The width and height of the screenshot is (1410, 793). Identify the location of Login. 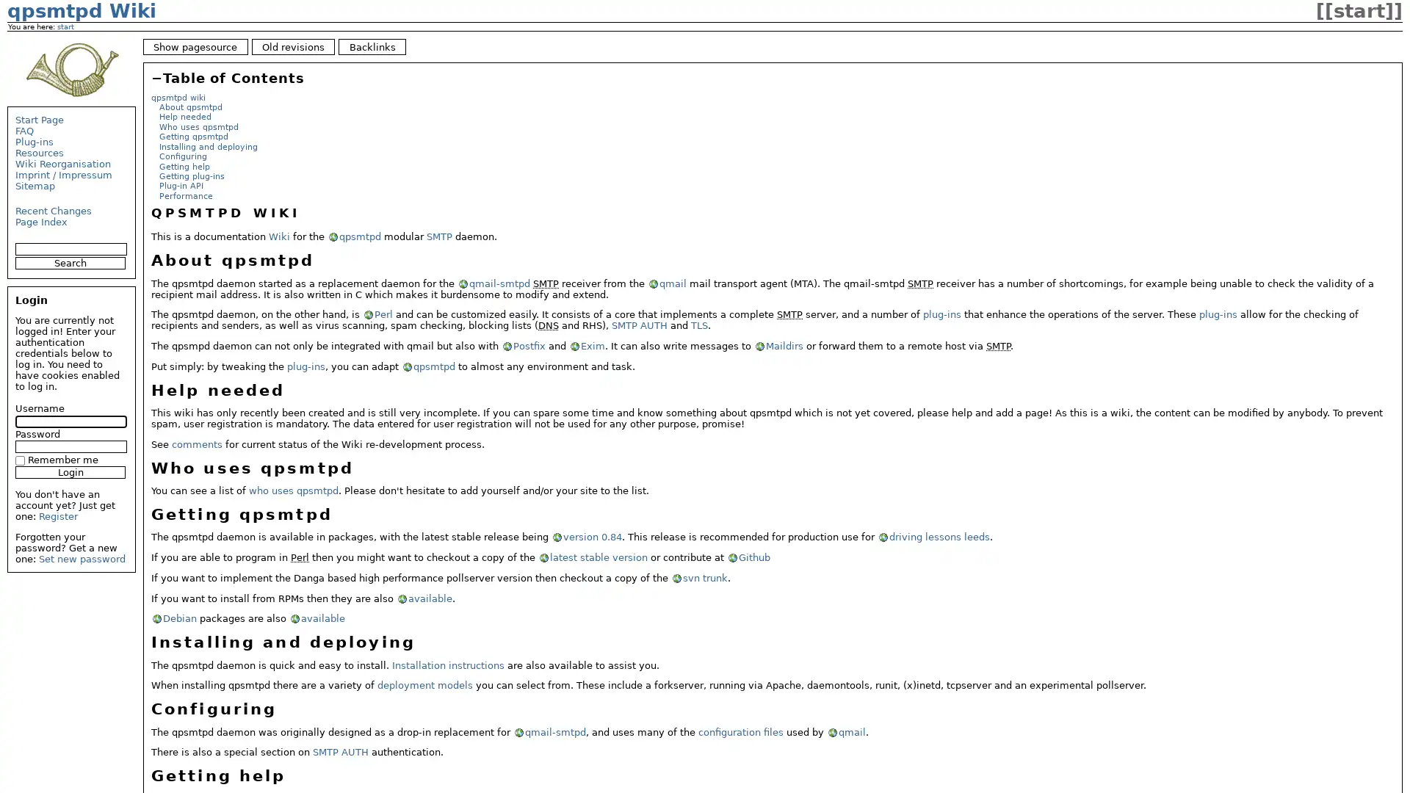
(70, 472).